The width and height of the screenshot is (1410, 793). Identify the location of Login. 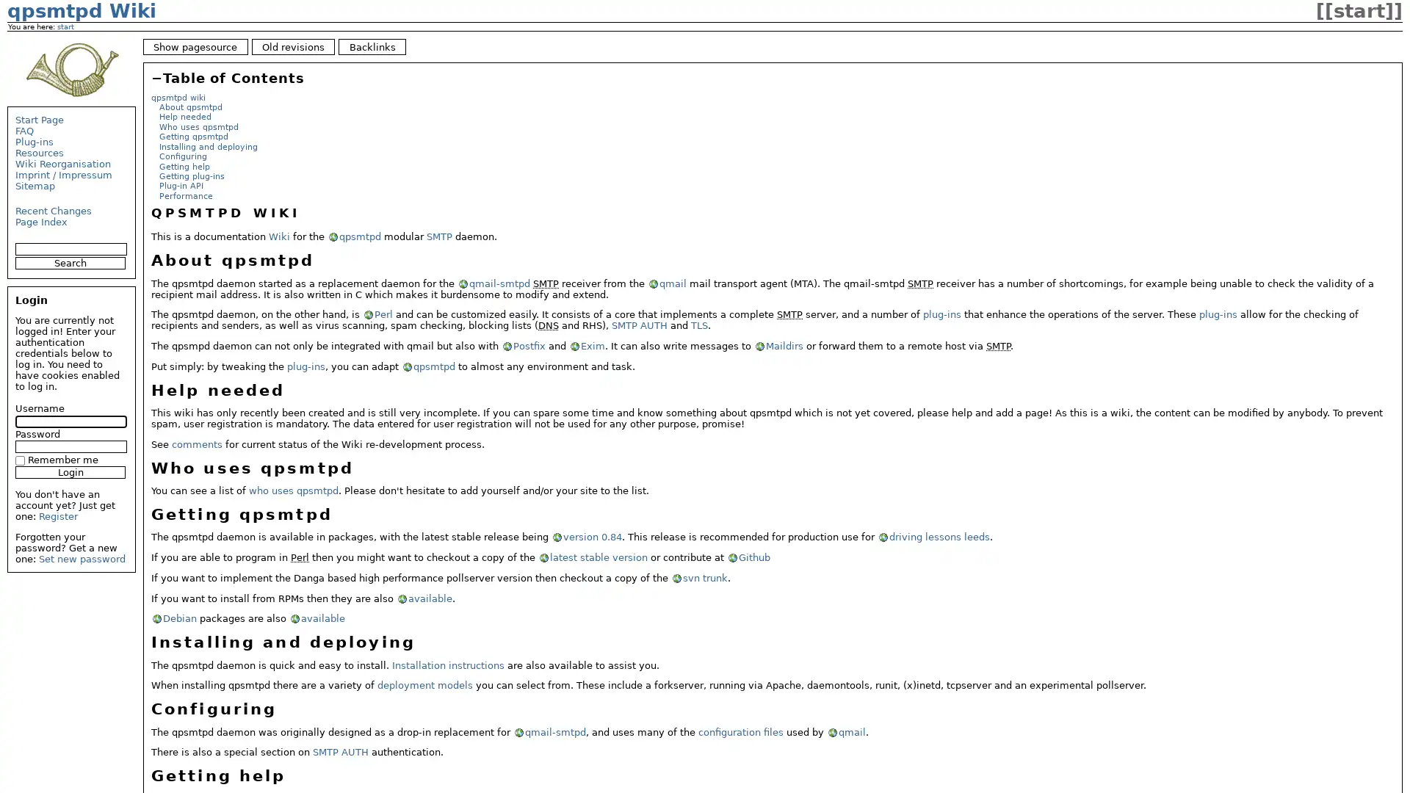
(70, 472).